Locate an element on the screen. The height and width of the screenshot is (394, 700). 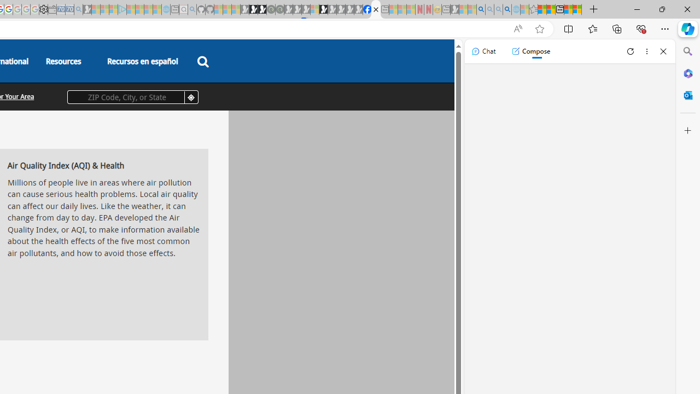
'Nordace | Facebook' is located at coordinates (367, 9).